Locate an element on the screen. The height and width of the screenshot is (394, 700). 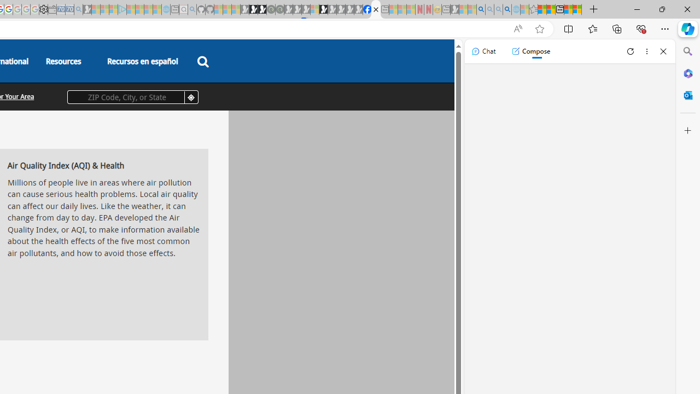
'Nordace | Facebook' is located at coordinates (367, 9).